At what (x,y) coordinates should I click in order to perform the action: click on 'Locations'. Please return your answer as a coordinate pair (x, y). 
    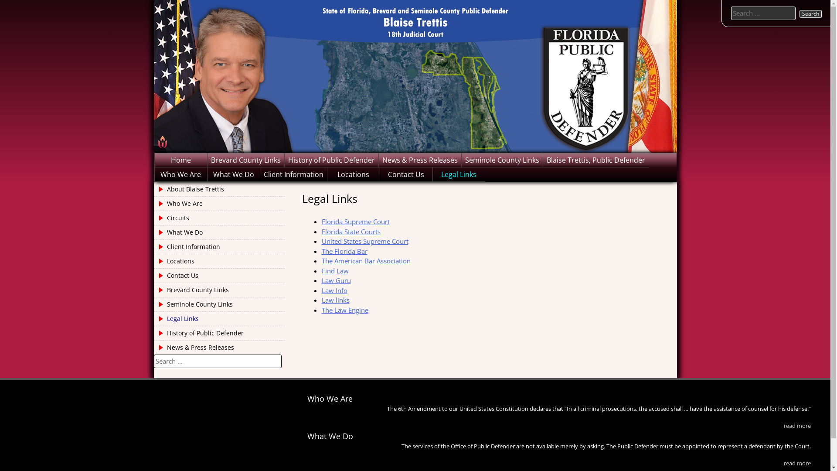
    Looking at the image, I should click on (353, 174).